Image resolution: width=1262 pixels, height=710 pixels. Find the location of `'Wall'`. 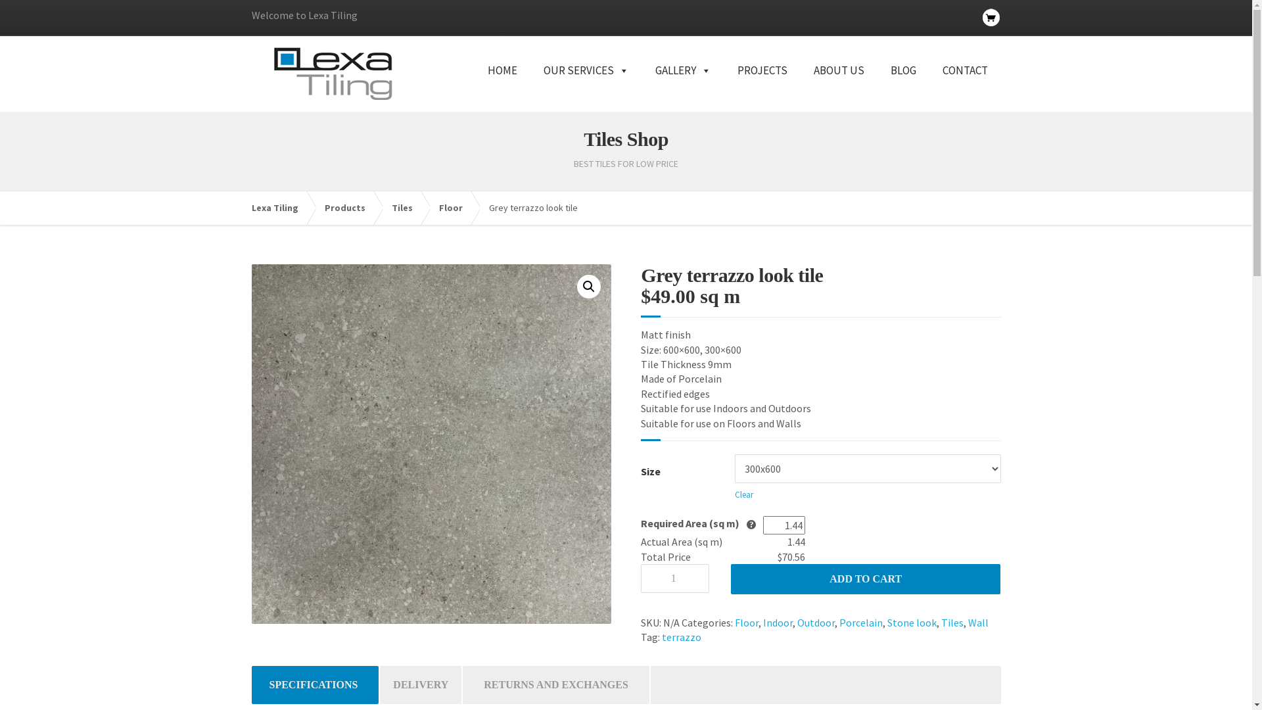

'Wall' is located at coordinates (978, 622).